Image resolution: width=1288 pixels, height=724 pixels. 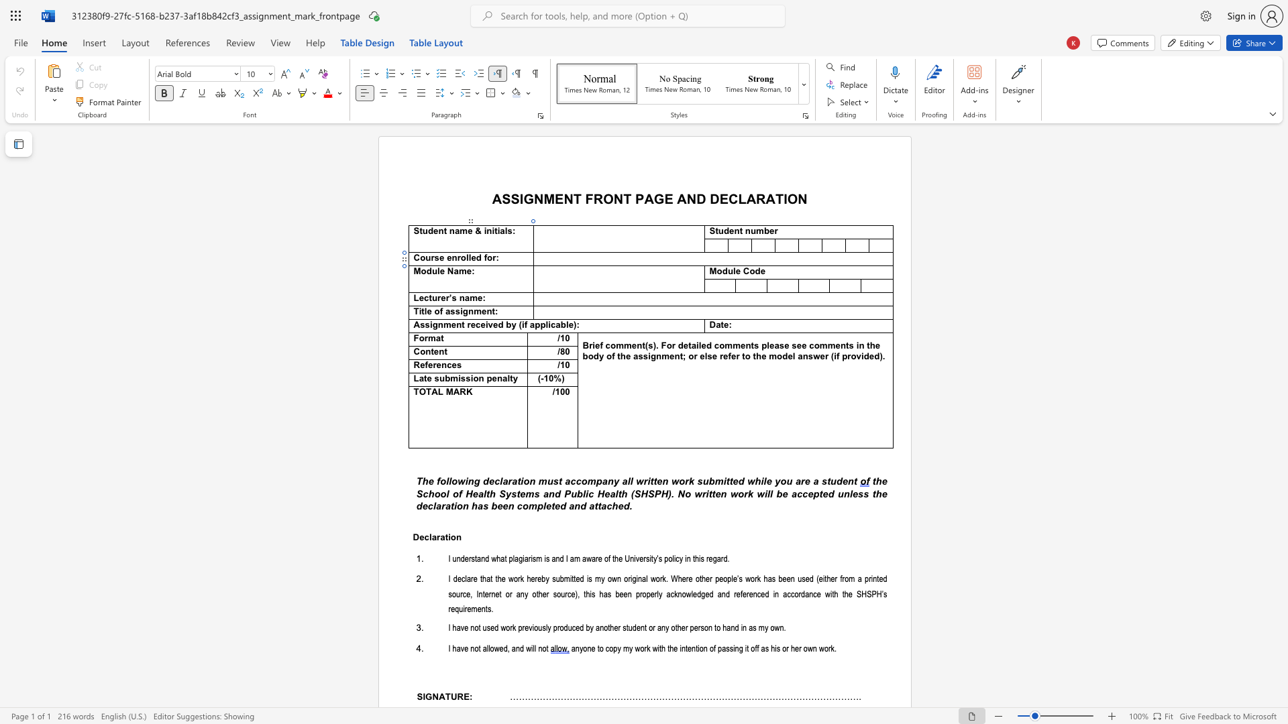 What do you see at coordinates (551, 325) in the screenshot?
I see `the space between the continuous character "i" and "c" in the text` at bounding box center [551, 325].